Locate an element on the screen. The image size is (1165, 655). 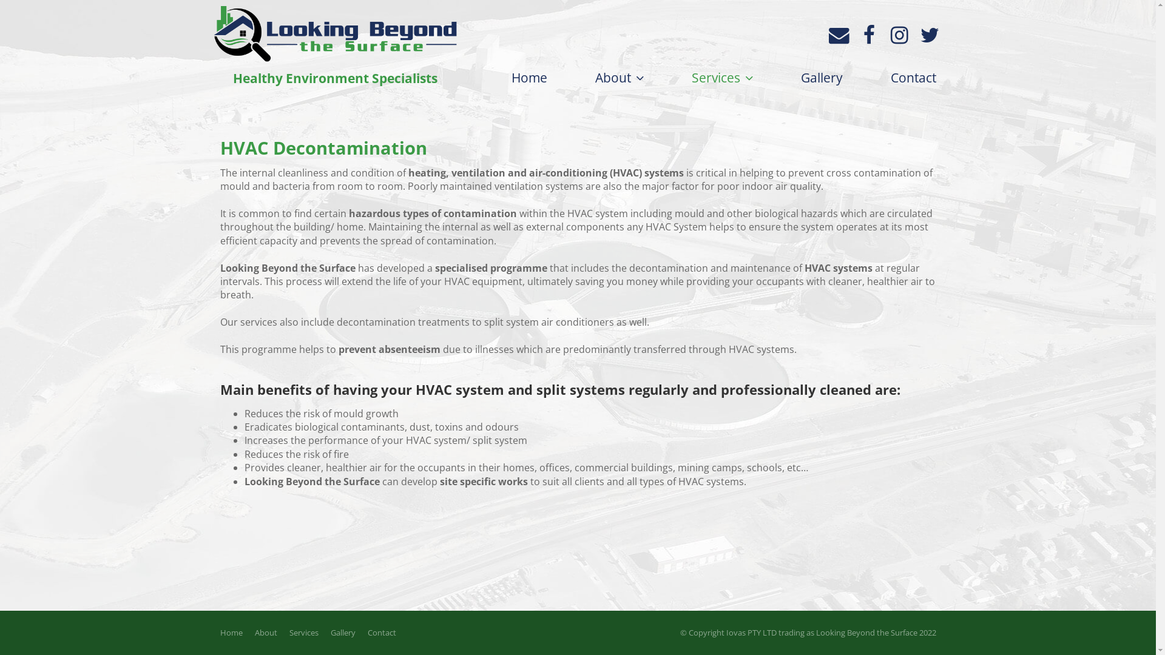
'Gallery' is located at coordinates (342, 631).